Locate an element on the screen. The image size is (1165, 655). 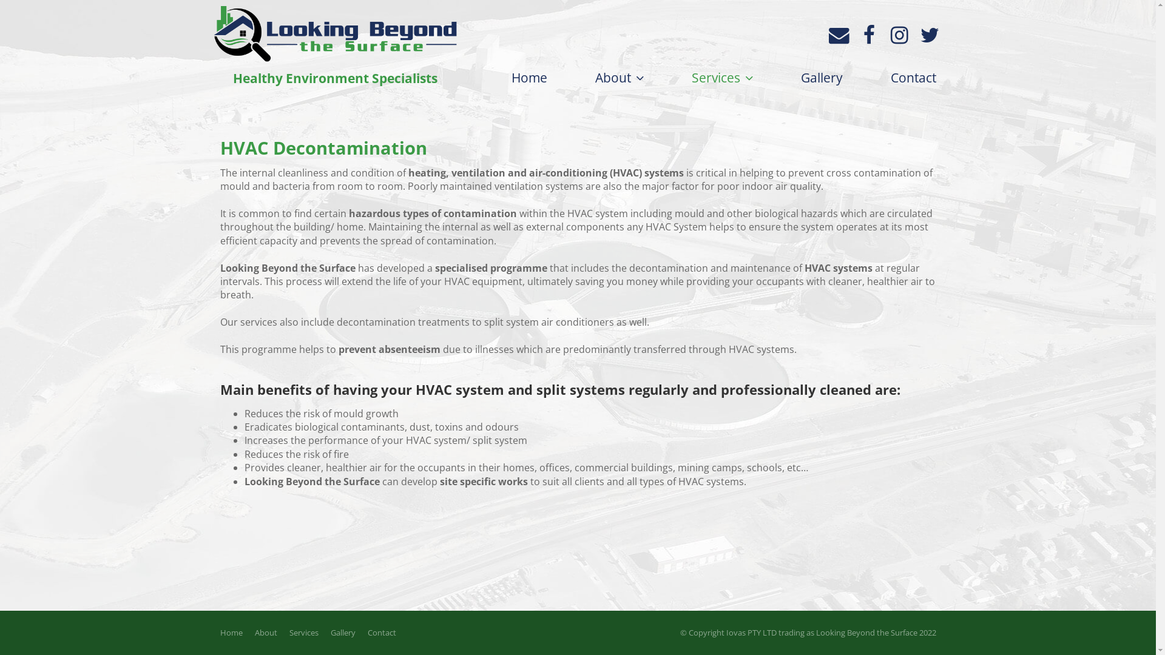
'Gallery' is located at coordinates (342, 631).